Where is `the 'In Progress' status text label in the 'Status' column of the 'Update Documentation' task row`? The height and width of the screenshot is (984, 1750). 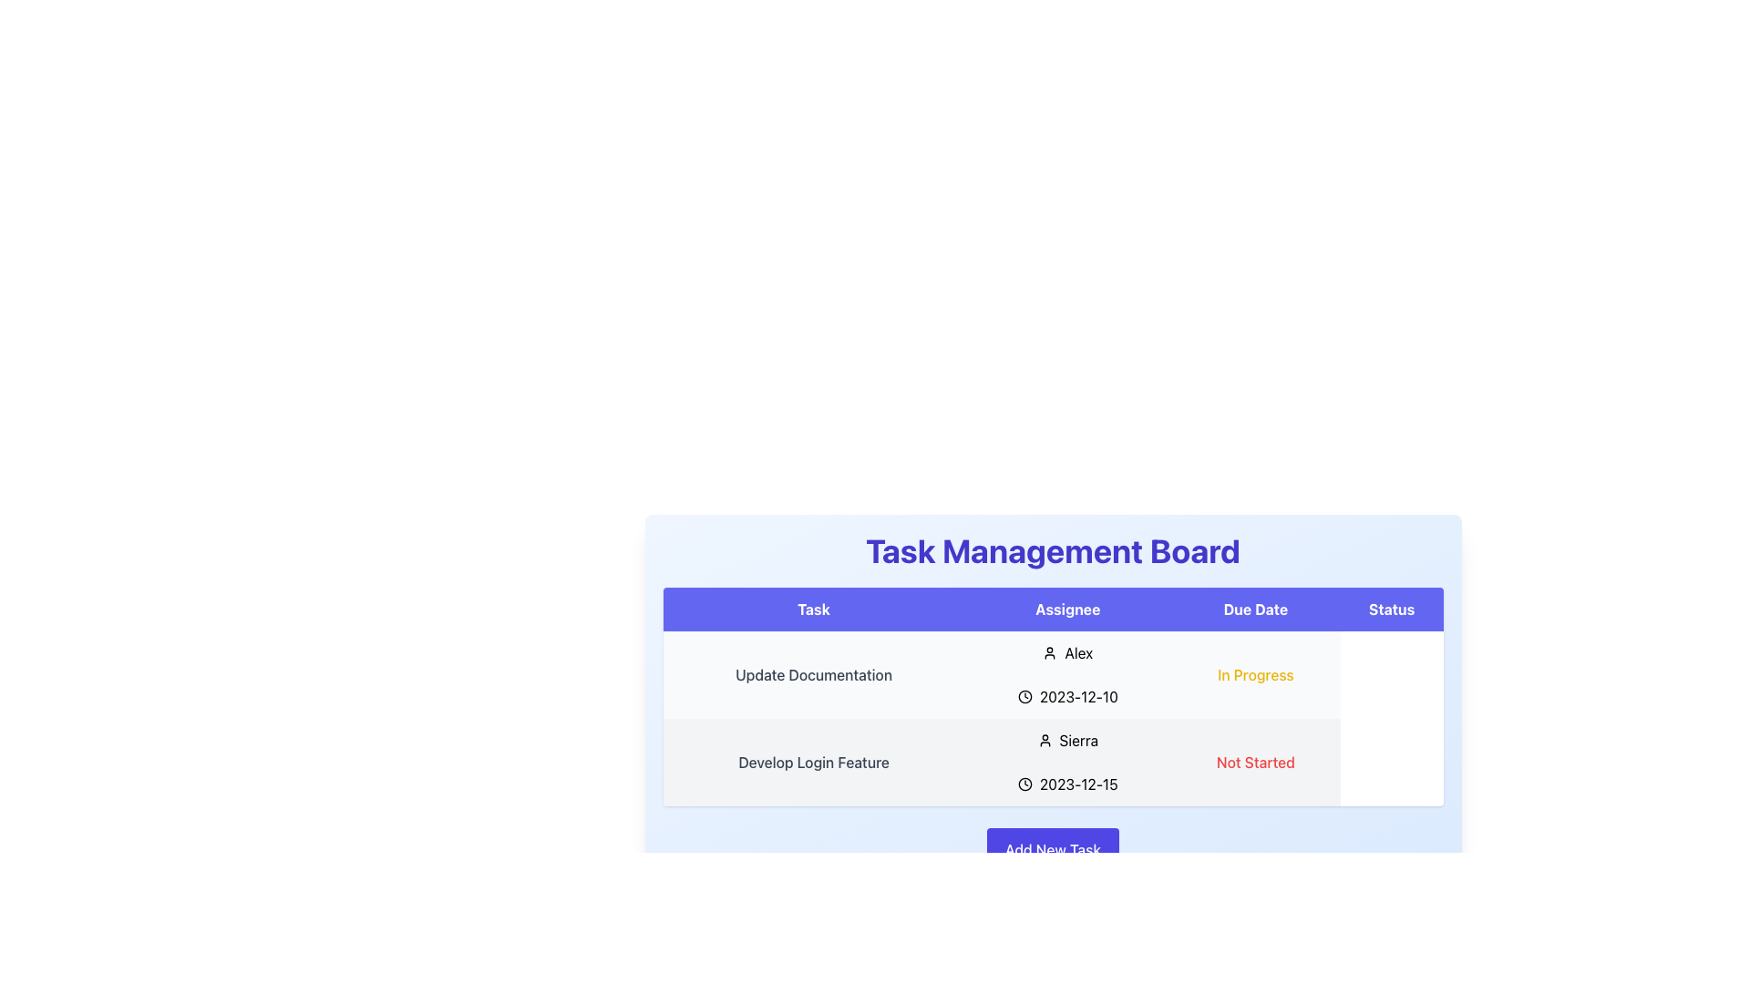 the 'In Progress' status text label in the 'Status' column of the 'Update Documentation' task row is located at coordinates (1254, 674).